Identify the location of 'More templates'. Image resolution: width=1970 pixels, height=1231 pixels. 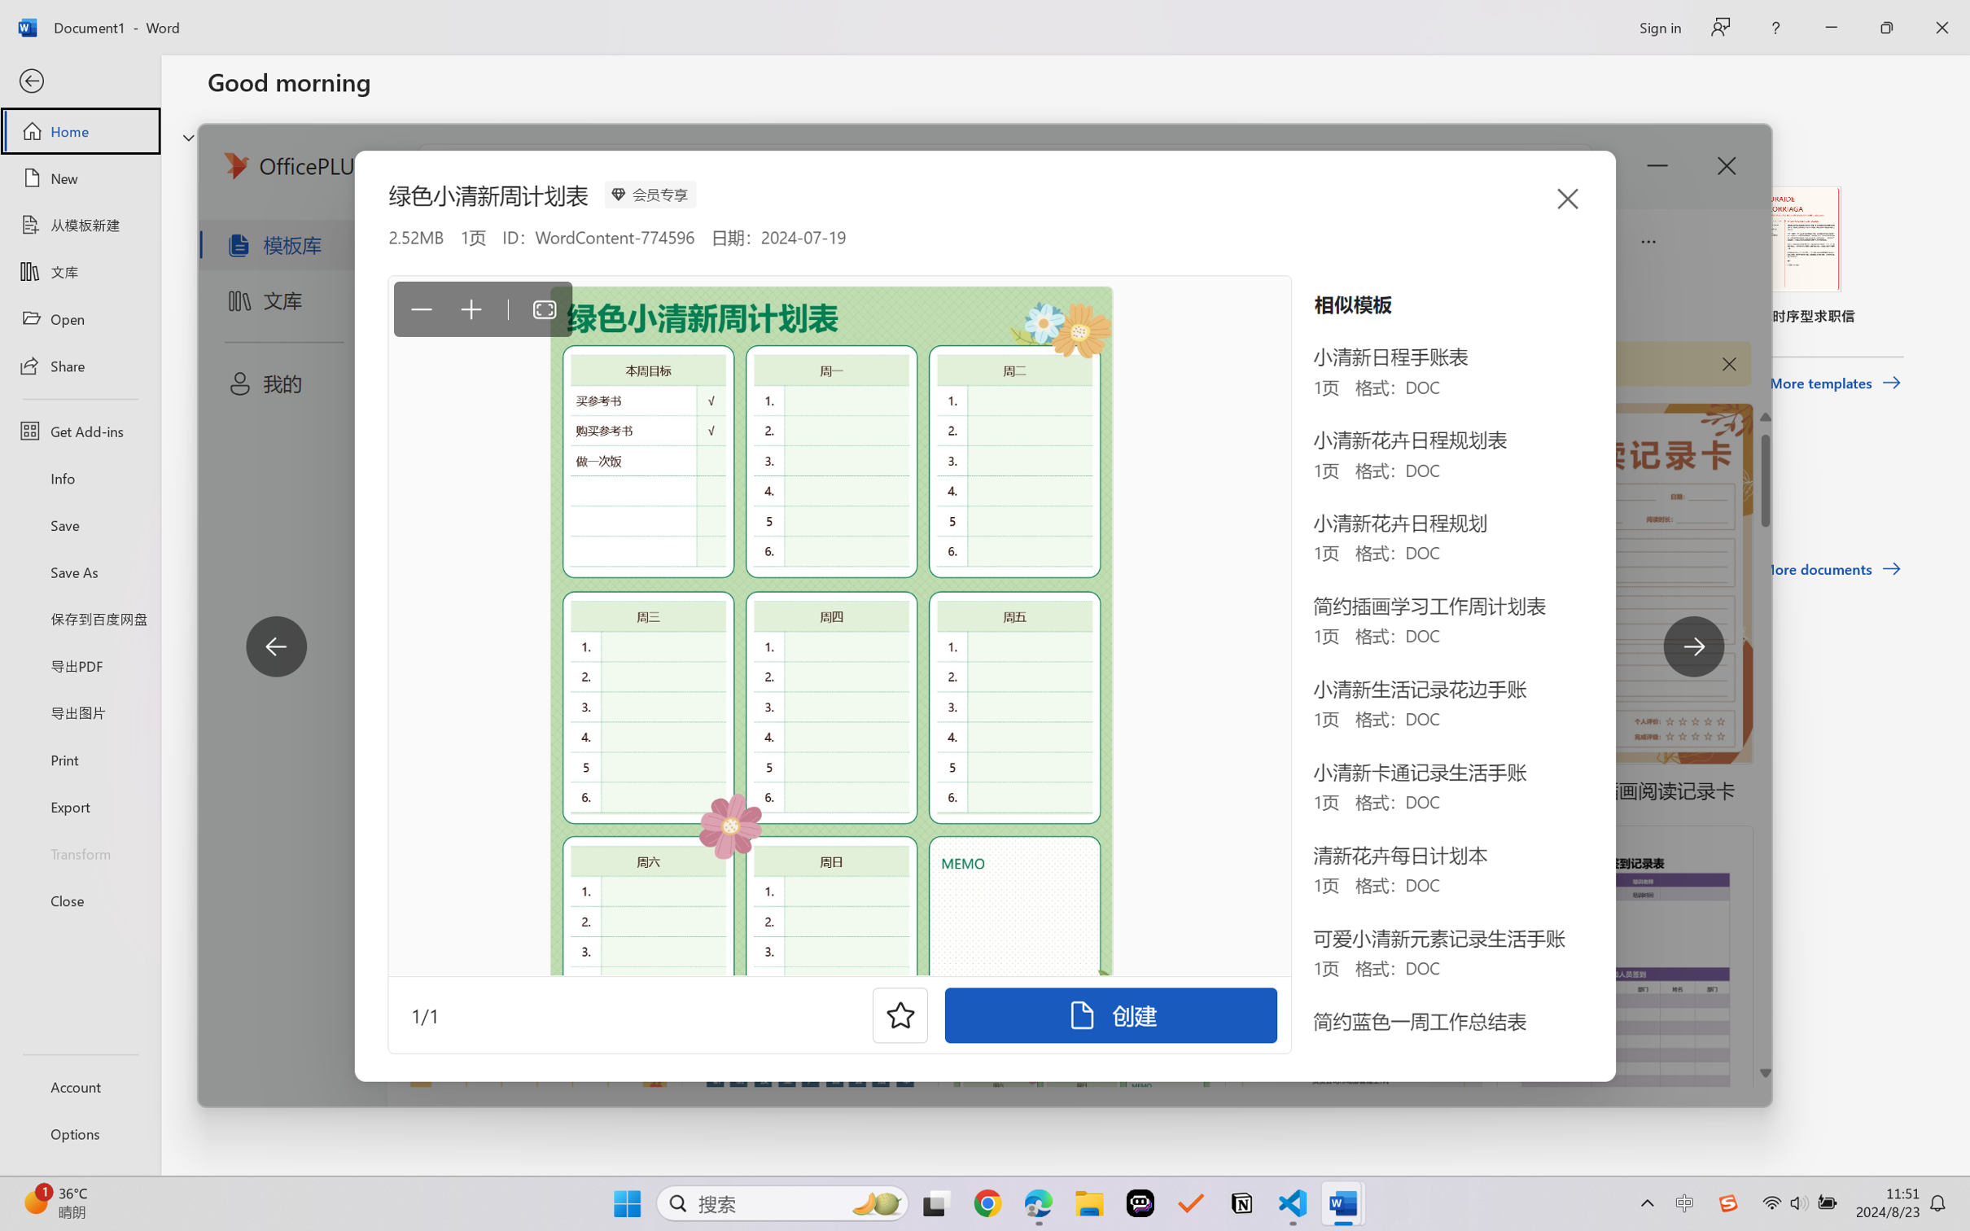
(1834, 383).